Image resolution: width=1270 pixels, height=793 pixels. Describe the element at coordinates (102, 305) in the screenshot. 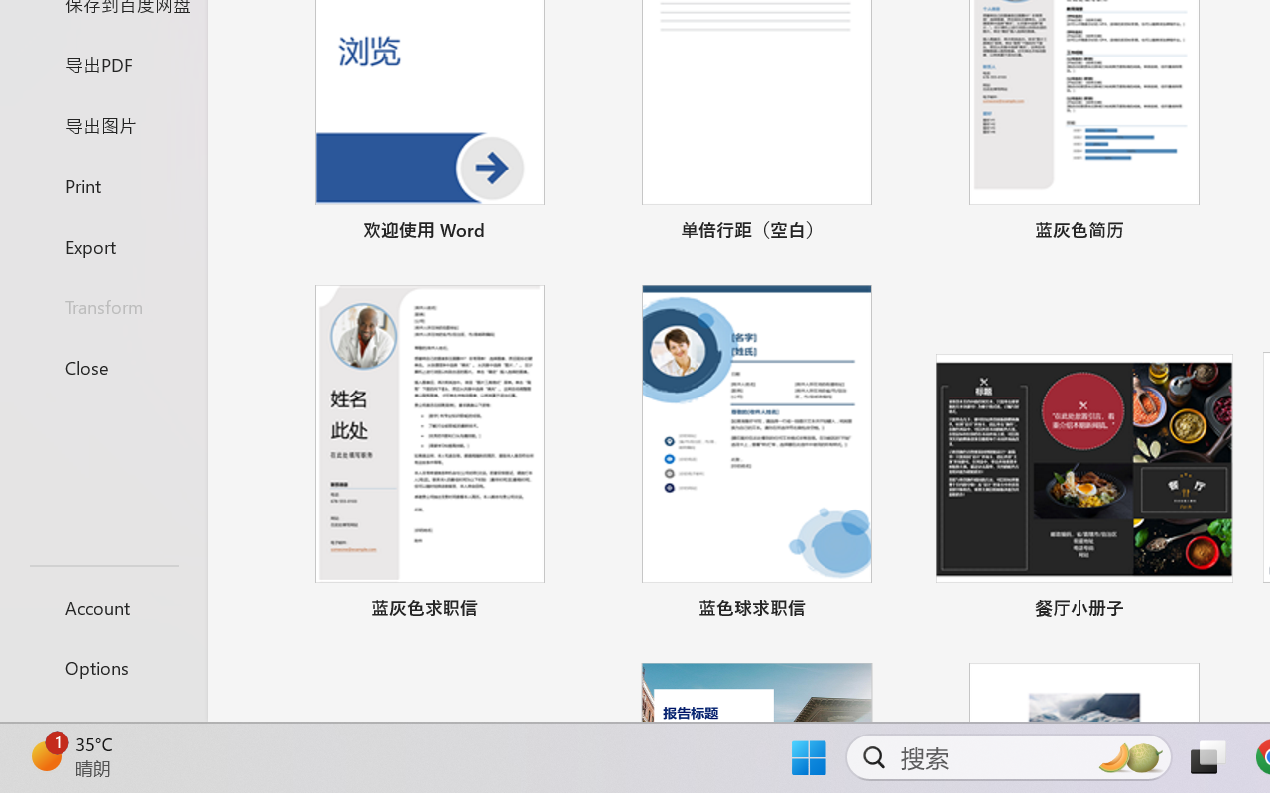

I see `'Transform'` at that location.